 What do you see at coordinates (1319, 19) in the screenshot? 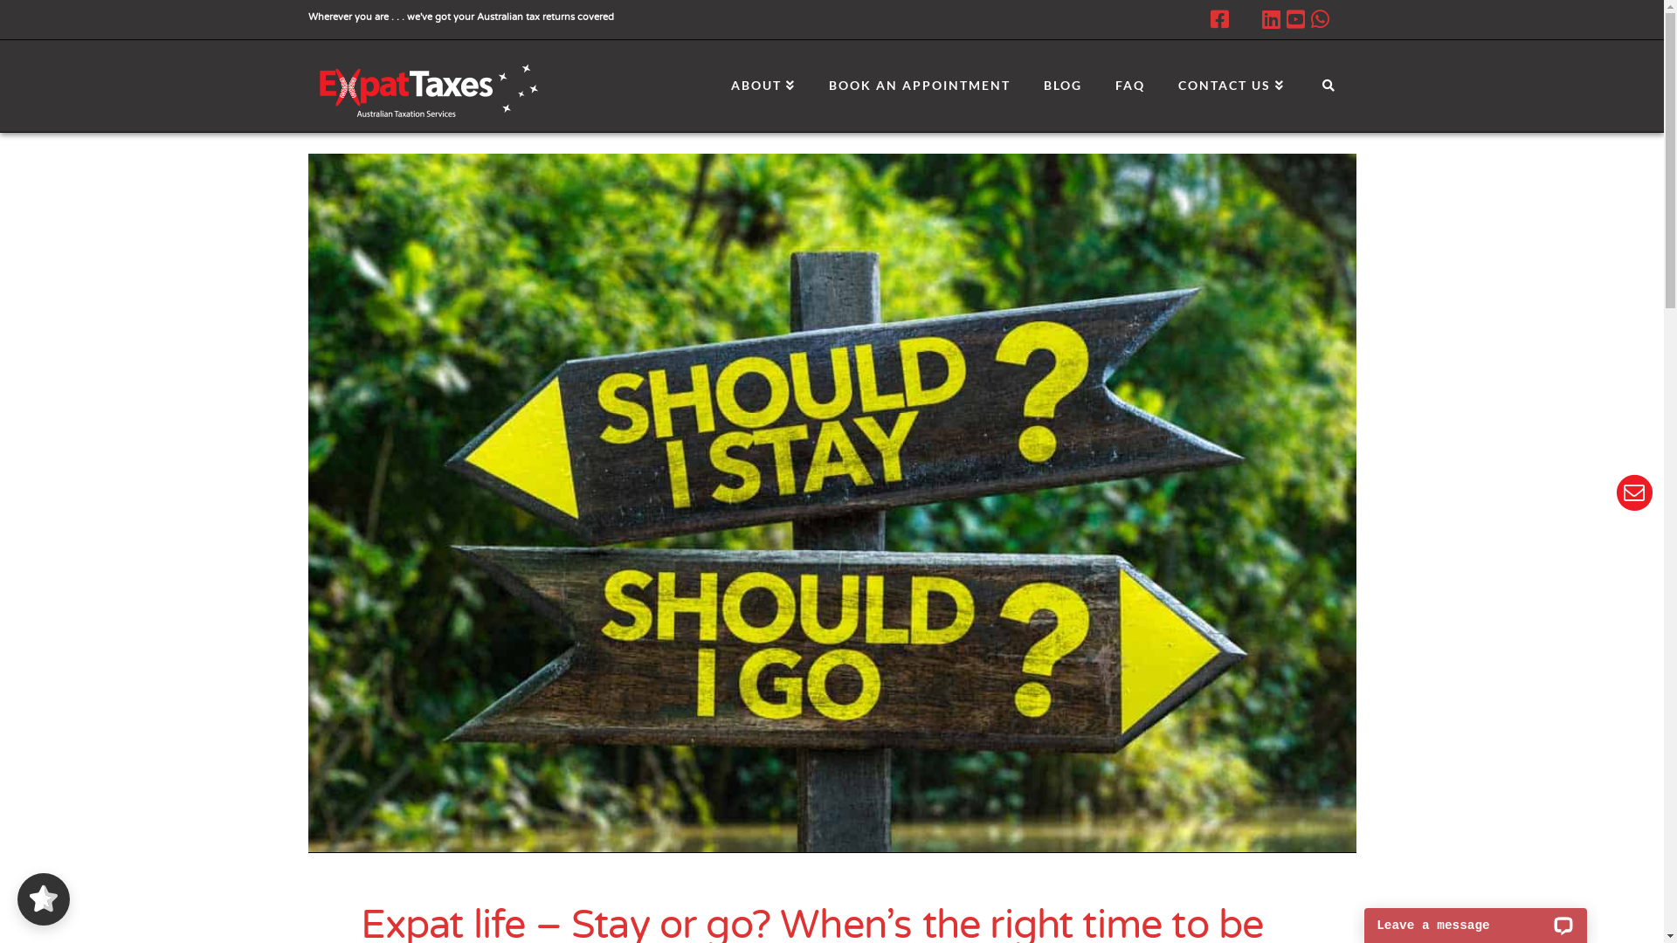
I see `'Whatsapp'` at bounding box center [1319, 19].